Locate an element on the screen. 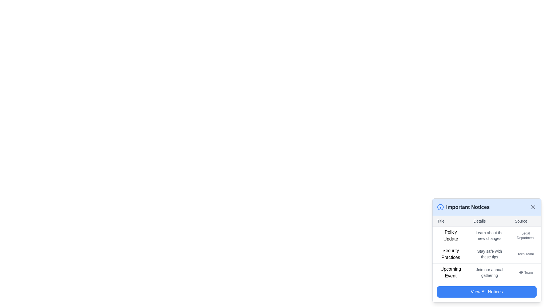 This screenshot has width=546, height=307. the close-button icon located in the top-right corner of the 'Important Notices' section is located at coordinates (533, 207).